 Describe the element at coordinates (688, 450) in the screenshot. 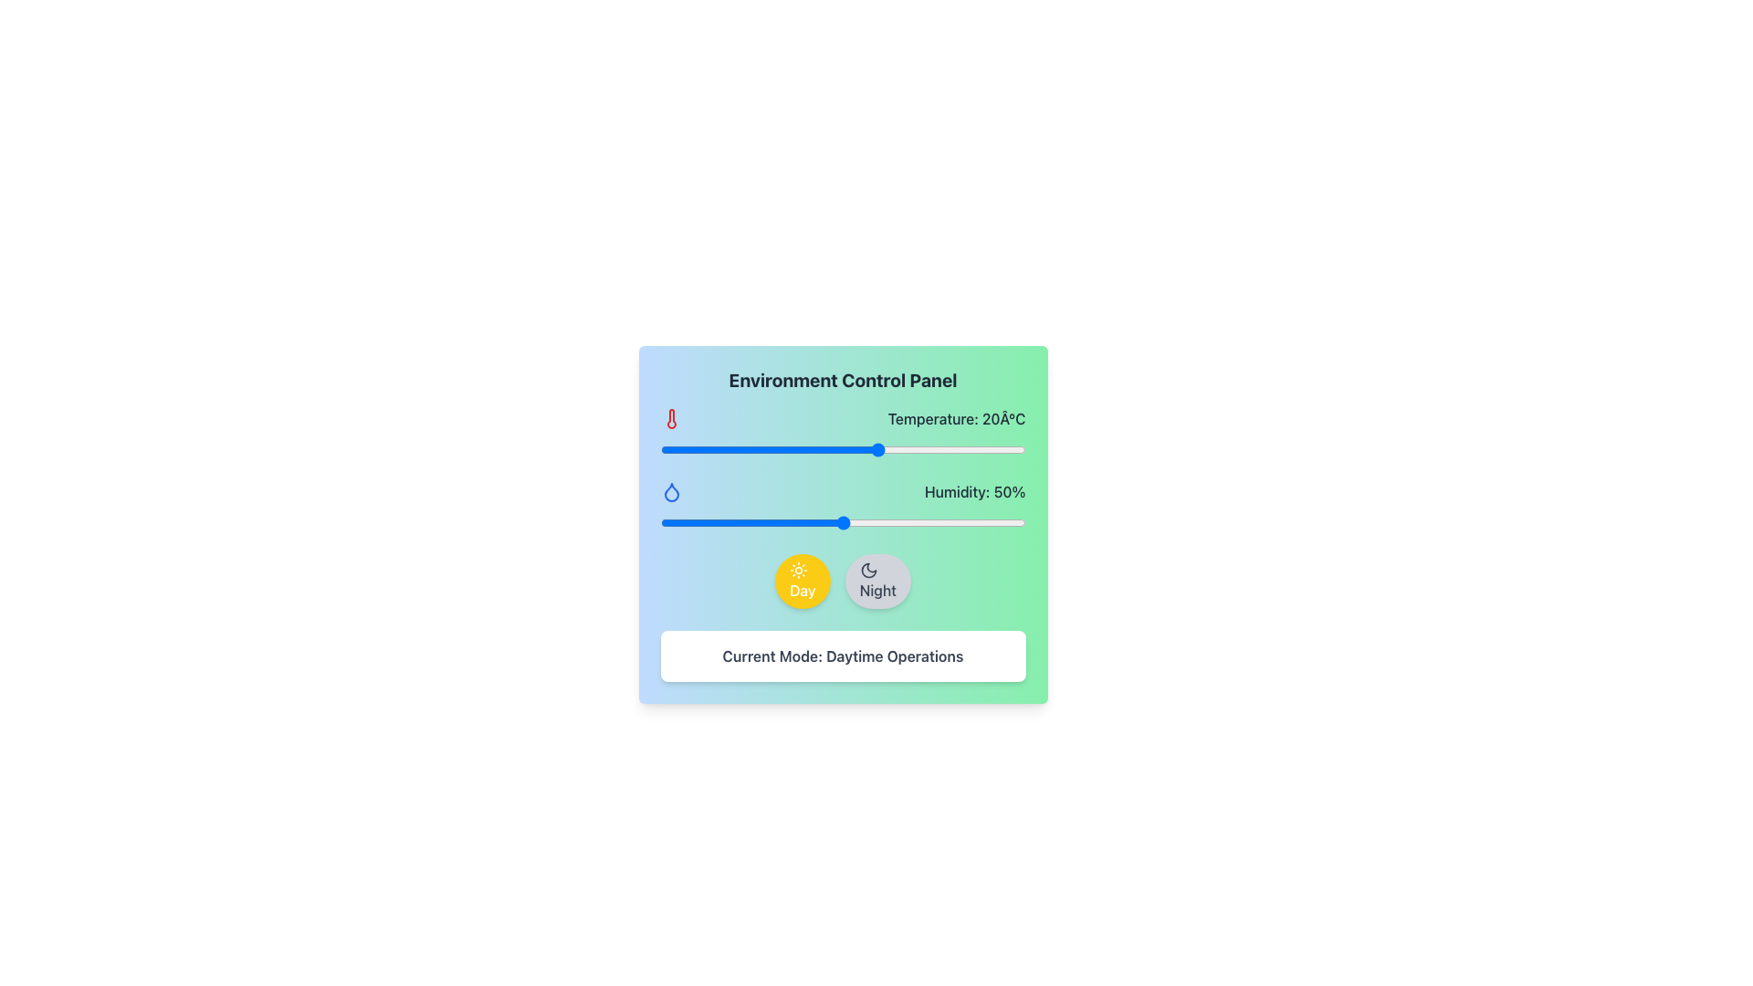

I see `the temperature` at that location.